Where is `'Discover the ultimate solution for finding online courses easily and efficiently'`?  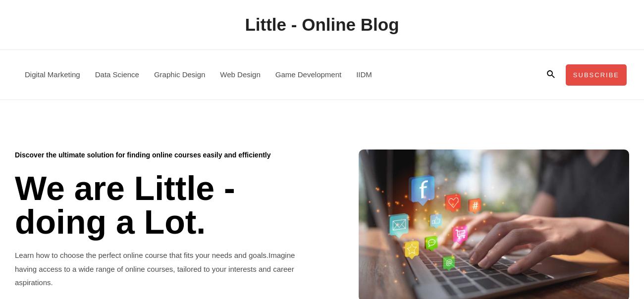 'Discover the ultimate solution for finding online courses easily and efficiently' is located at coordinates (142, 154).